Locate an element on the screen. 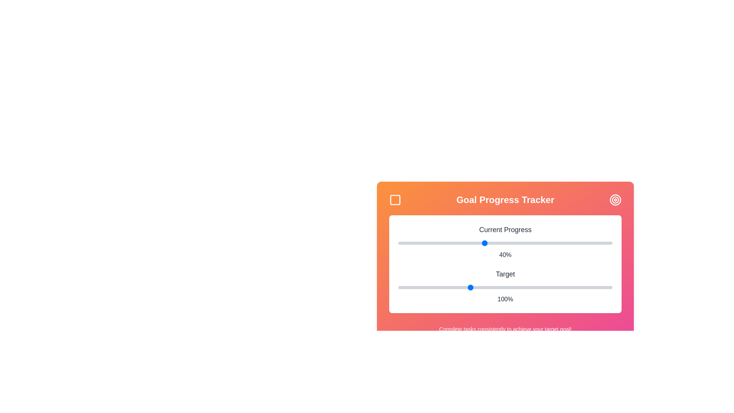 The height and width of the screenshot is (413, 734). the square icon in the header is located at coordinates (395, 200).